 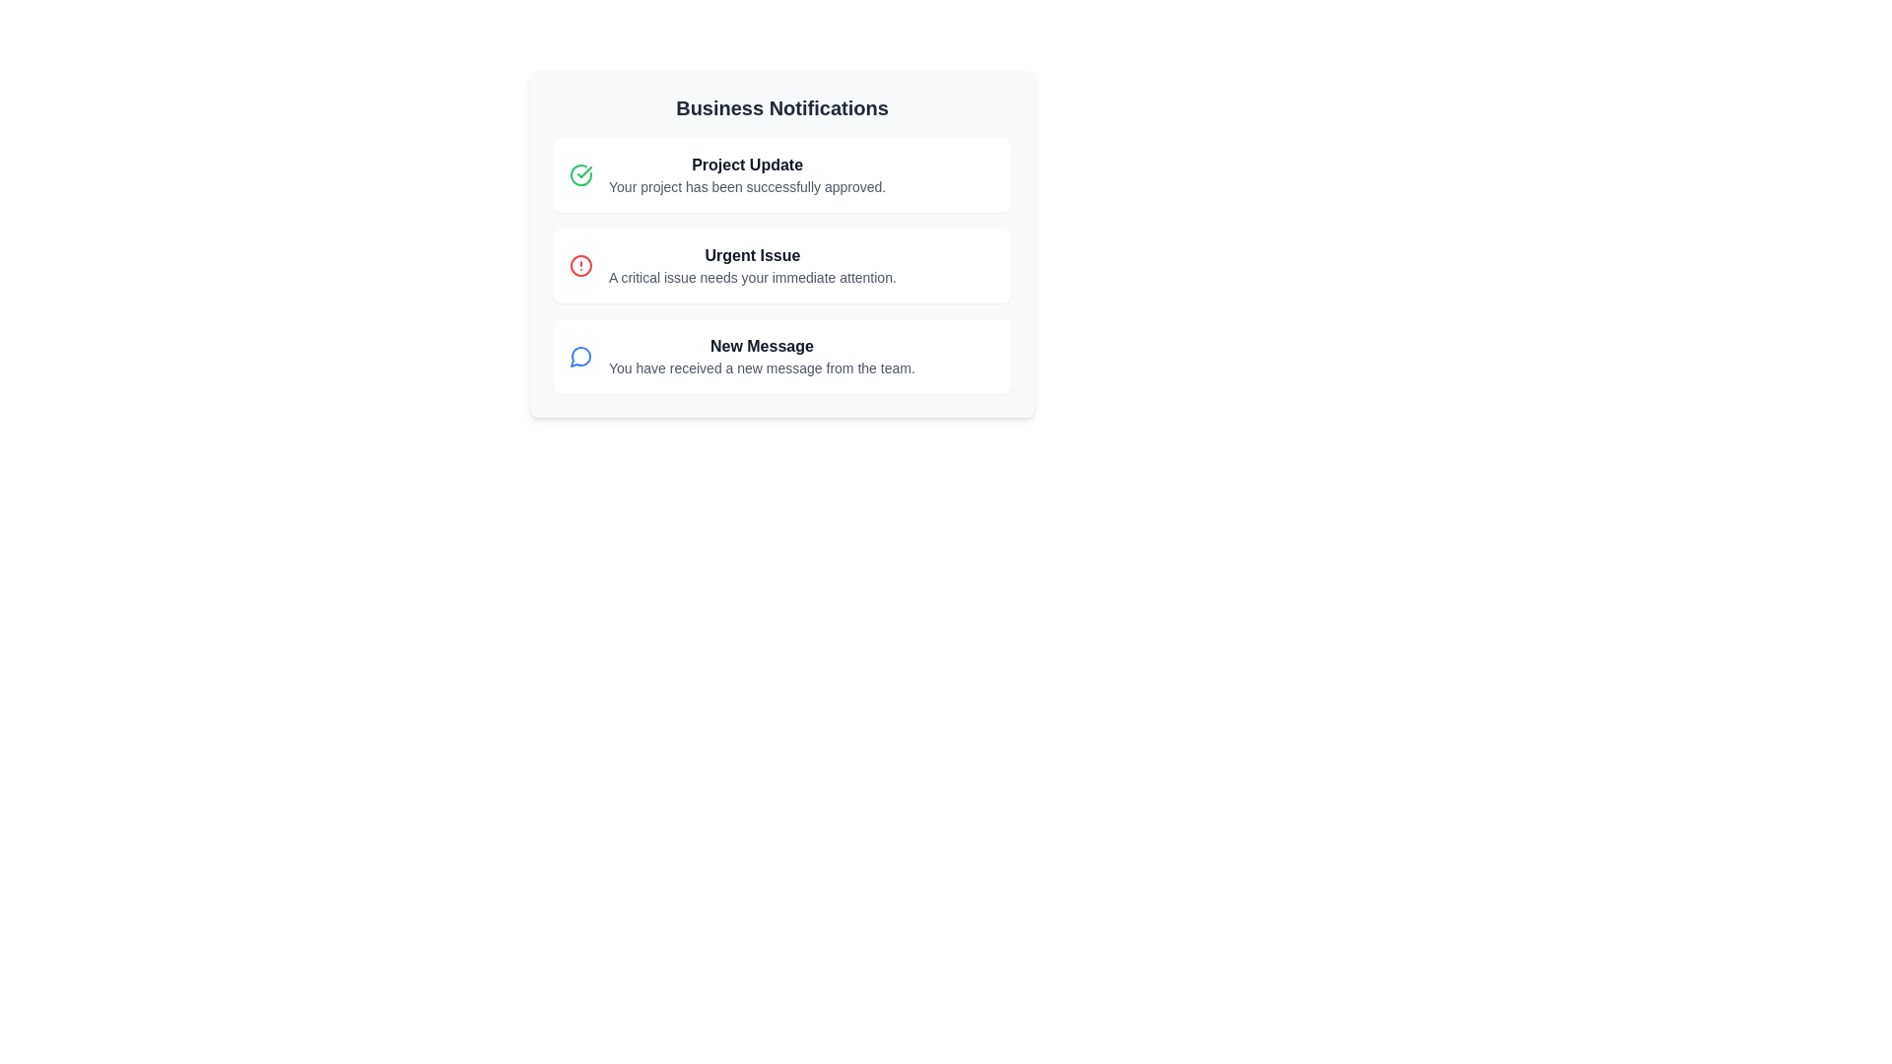 I want to click on text content located underneath the 'Project Update' header within the 'Business Notifications' card, which provides a confirmation or information about the success of an action, so click(x=746, y=186).